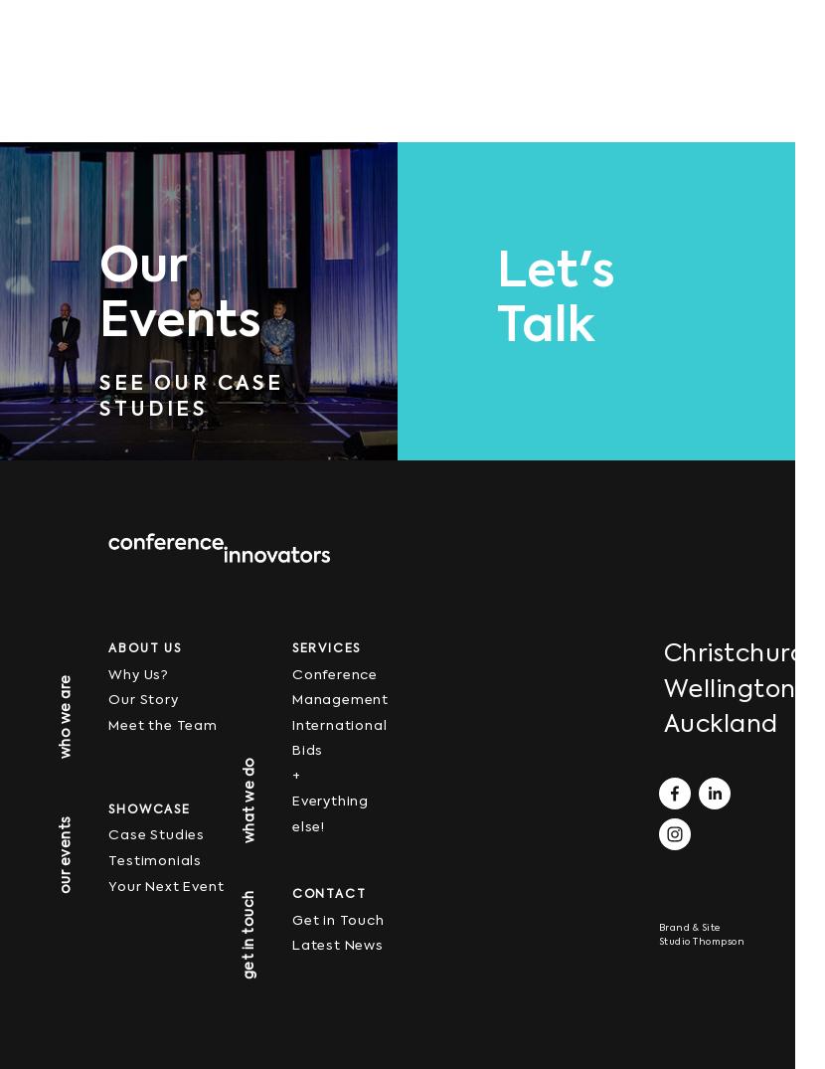  I want to click on '+ Everything else!', so click(328, 801).